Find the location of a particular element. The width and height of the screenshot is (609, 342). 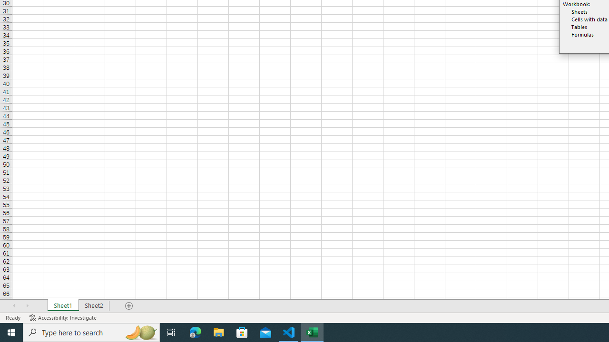

'Microsoft Edge' is located at coordinates (195, 332).